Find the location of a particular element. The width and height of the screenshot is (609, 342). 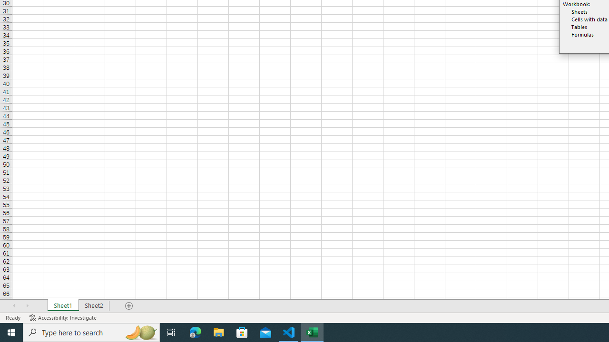

'Microsoft Edge' is located at coordinates (195, 332).